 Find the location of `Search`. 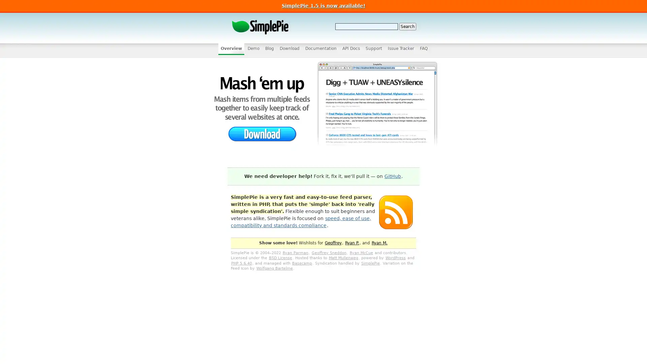

Search is located at coordinates (407, 26).